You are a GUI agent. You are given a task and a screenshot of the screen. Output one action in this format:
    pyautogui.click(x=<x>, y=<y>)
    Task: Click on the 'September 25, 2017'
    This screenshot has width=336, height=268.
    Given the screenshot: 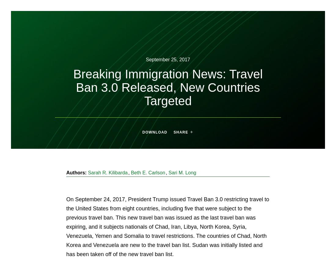 What is the action you would take?
    pyautogui.click(x=168, y=59)
    